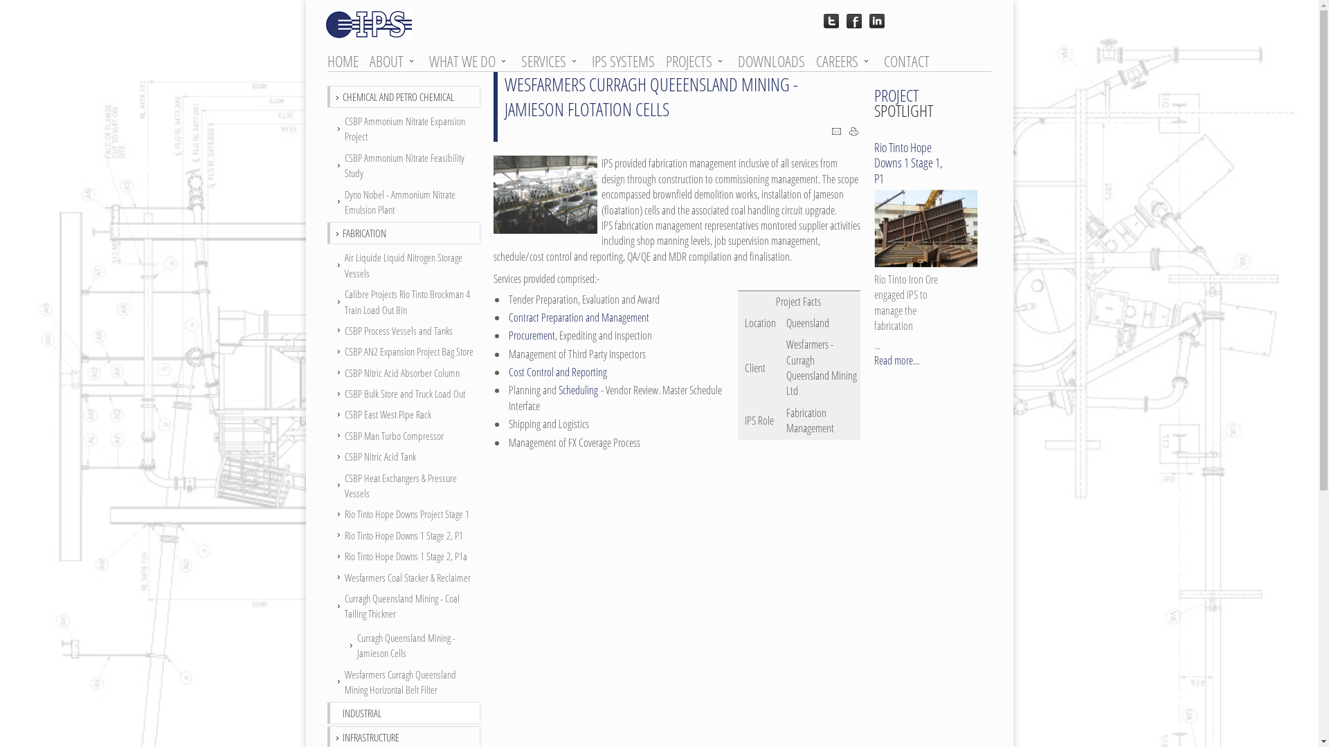 This screenshot has height=747, width=1329. What do you see at coordinates (404, 555) in the screenshot?
I see `'Rio Tinto Hope Downs 1 Stage 2, P1a'` at bounding box center [404, 555].